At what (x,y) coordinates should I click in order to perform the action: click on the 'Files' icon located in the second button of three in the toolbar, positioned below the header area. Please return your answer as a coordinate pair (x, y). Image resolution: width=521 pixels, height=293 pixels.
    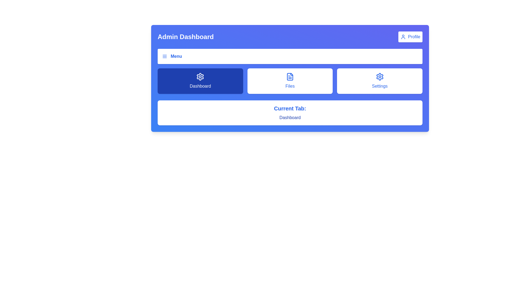
    Looking at the image, I should click on (290, 77).